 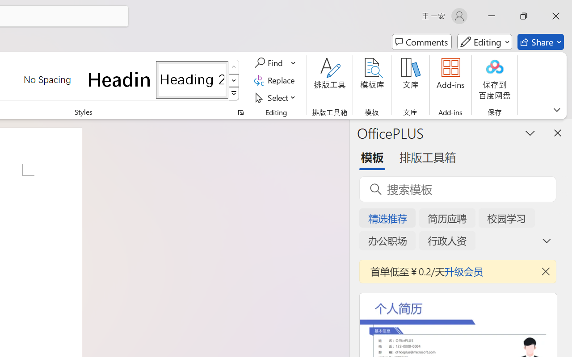 I want to click on 'Class: NetUIImage', so click(x=234, y=94).